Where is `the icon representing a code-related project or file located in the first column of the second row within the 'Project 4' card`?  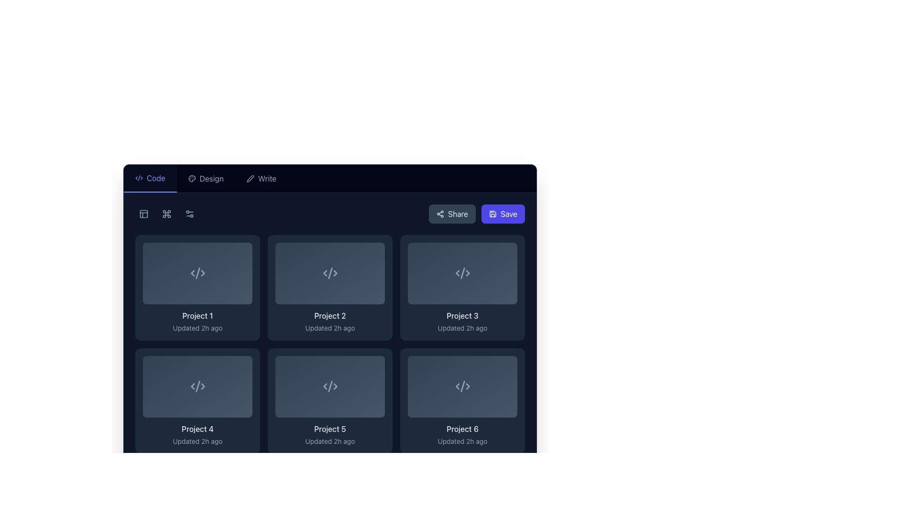
the icon representing a code-related project or file located in the first column of the second row within the 'Project 4' card is located at coordinates (197, 386).